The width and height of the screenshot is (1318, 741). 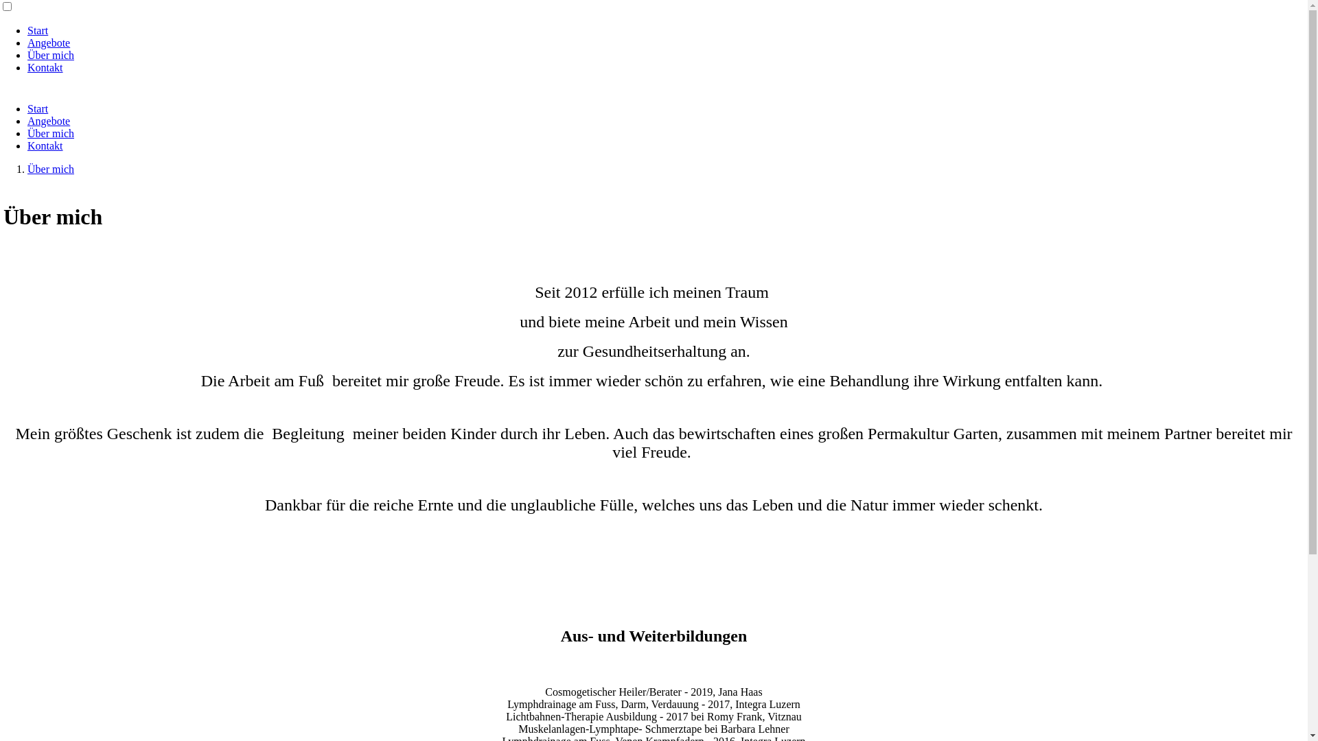 What do you see at coordinates (27, 145) in the screenshot?
I see `'Kontakt'` at bounding box center [27, 145].